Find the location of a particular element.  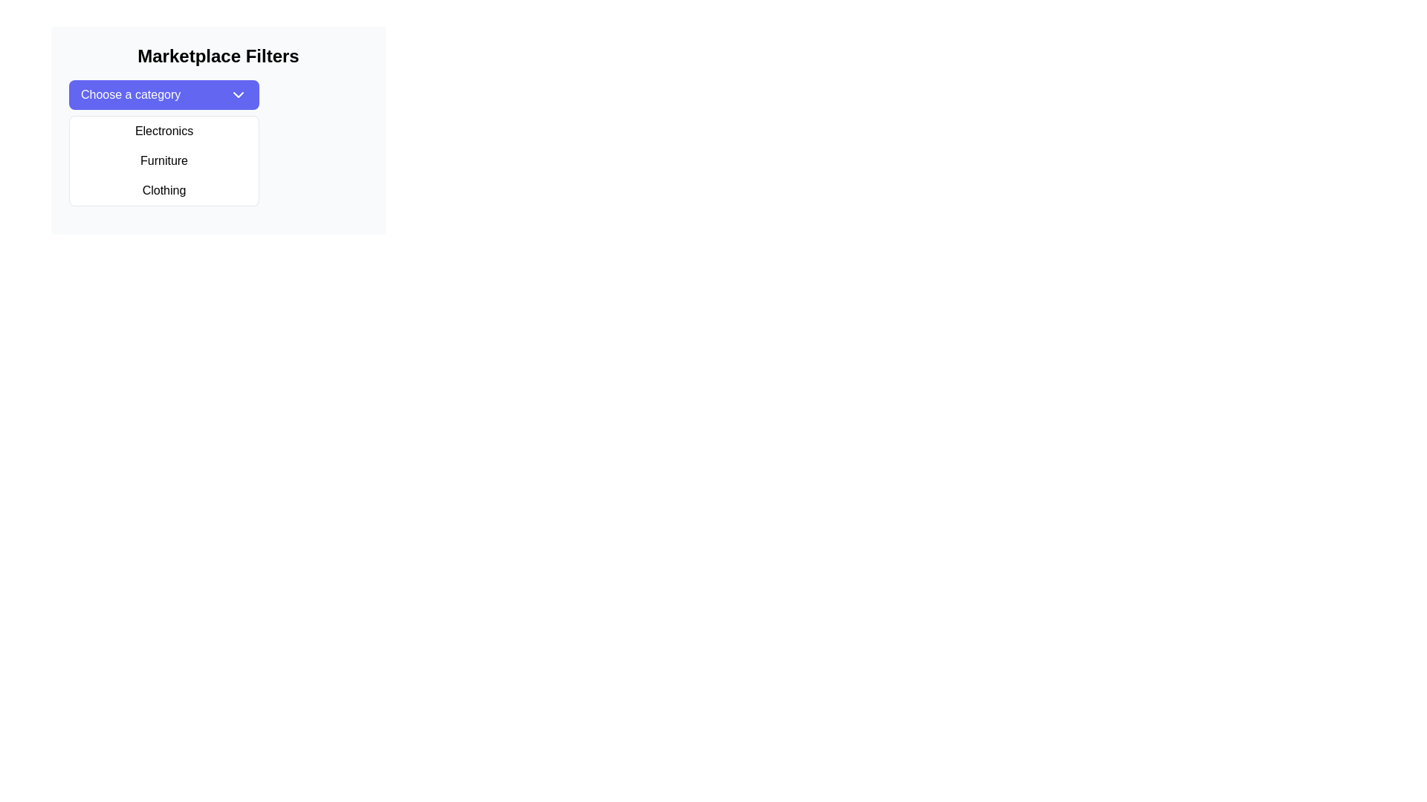

the Dropdown toggle button labeled 'Choose a category' with a blue background, located beneath 'Marketplace Filters' is located at coordinates (164, 94).